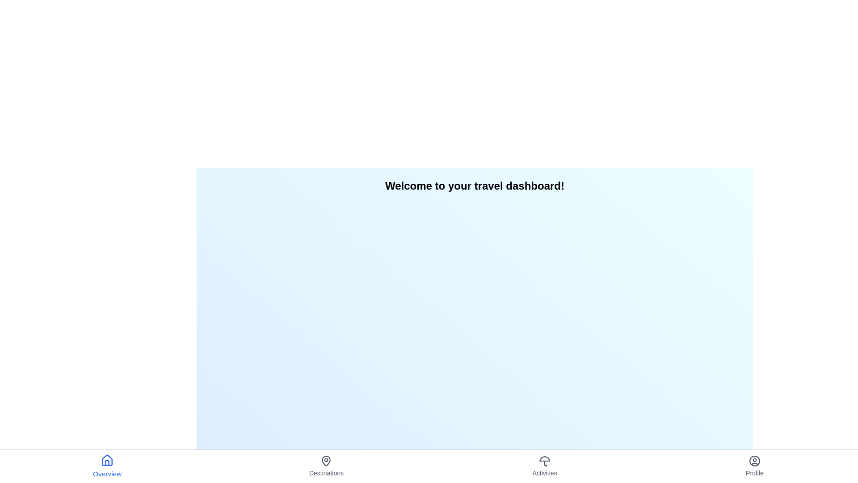  Describe the element at coordinates (326, 461) in the screenshot. I see `the gray map pin icon located in the center of the bottom navigation bar` at that location.